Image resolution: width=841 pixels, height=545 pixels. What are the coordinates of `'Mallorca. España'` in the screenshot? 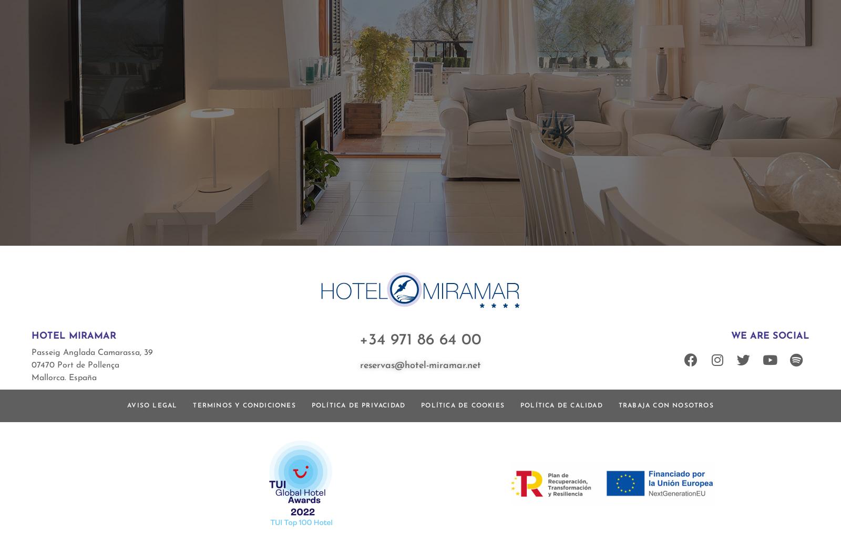 It's located at (31, 377).